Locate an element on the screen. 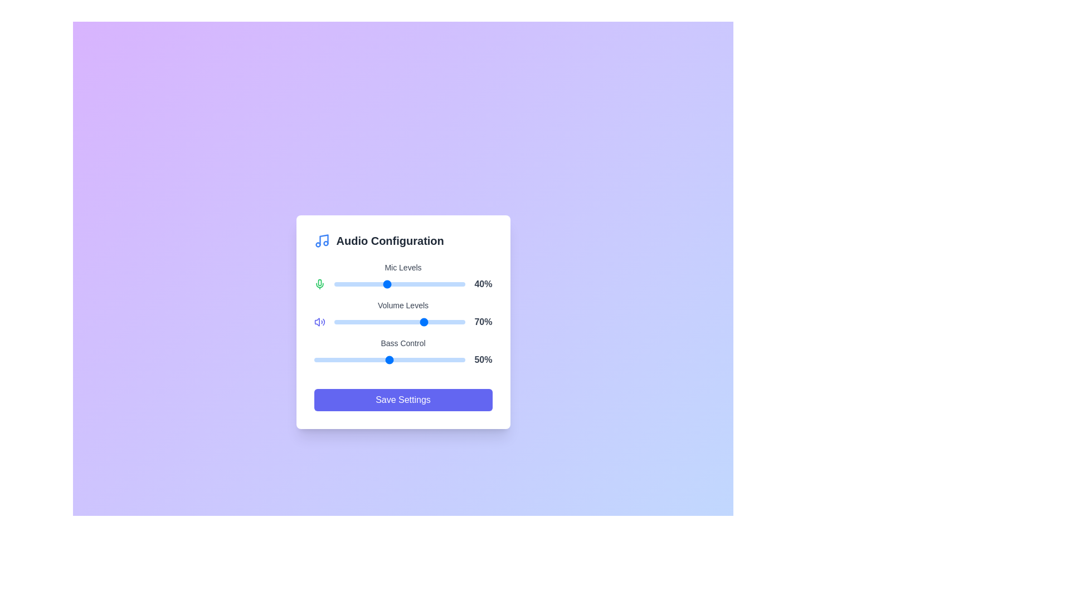  the 'Save Settings' button to save the current configuration is located at coordinates (402, 399).